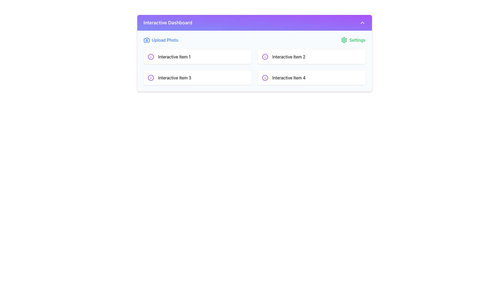 This screenshot has width=504, height=283. Describe the element at coordinates (344, 40) in the screenshot. I see `the green settings gear icon located at the far right of the top bar` at that location.